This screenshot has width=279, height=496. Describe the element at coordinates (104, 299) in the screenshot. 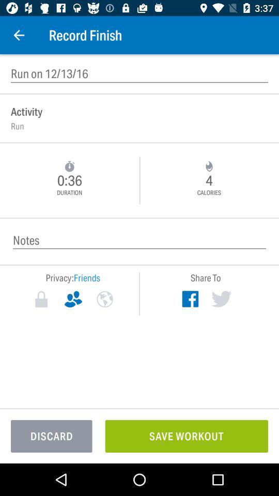

I see `exchange privacy for content to be viewed by everyone` at that location.